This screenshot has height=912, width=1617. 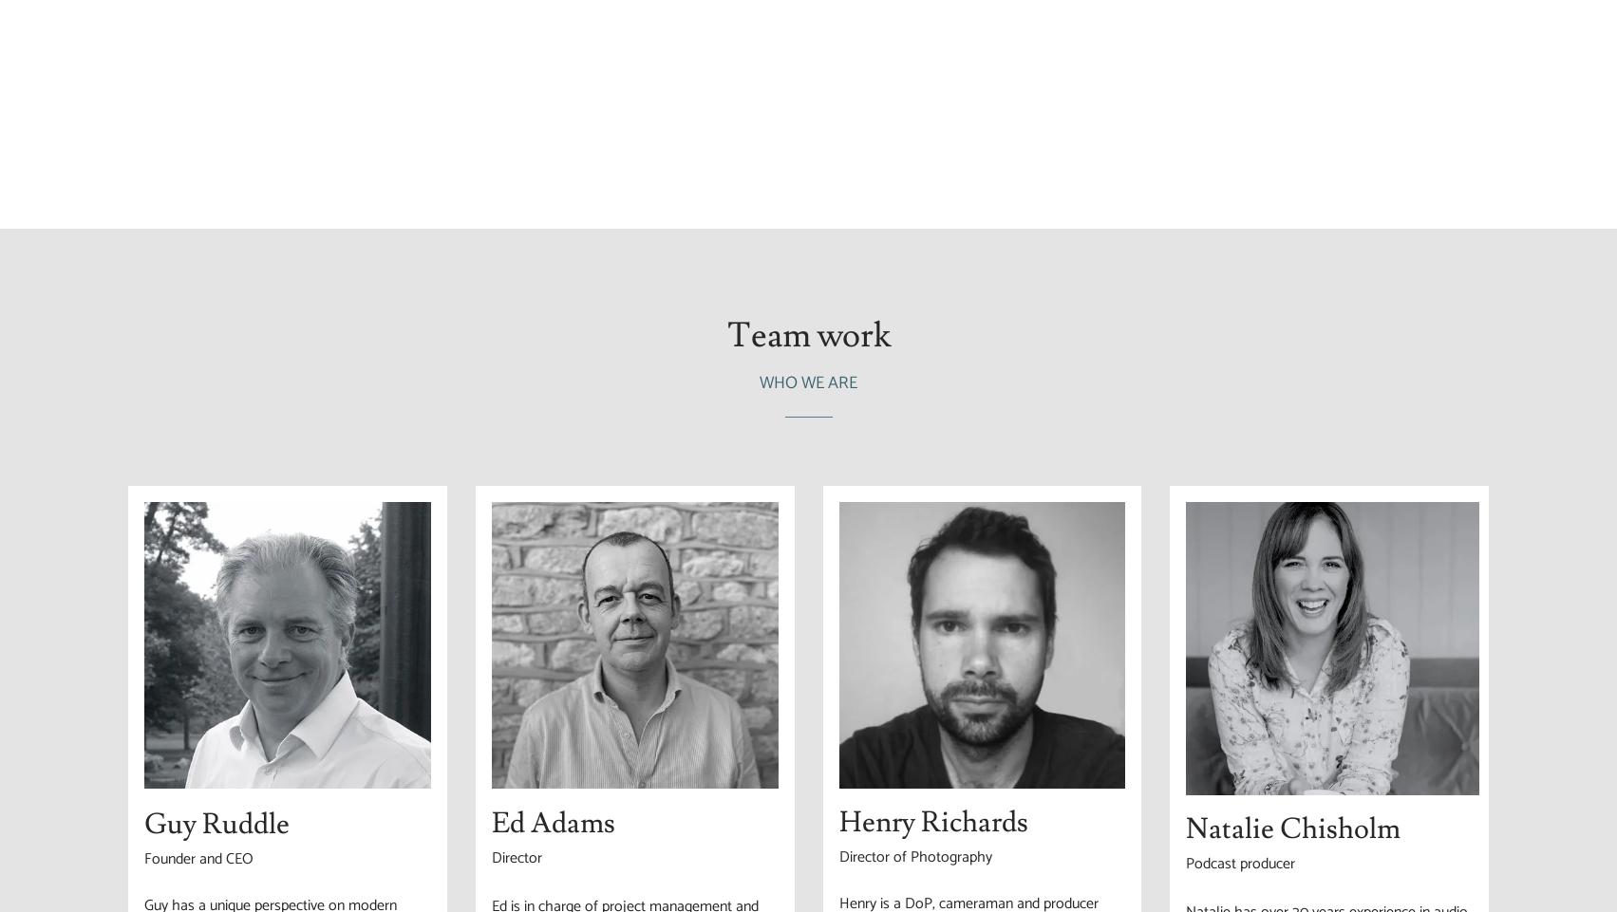 What do you see at coordinates (807, 335) in the screenshot?
I see `'Team work'` at bounding box center [807, 335].